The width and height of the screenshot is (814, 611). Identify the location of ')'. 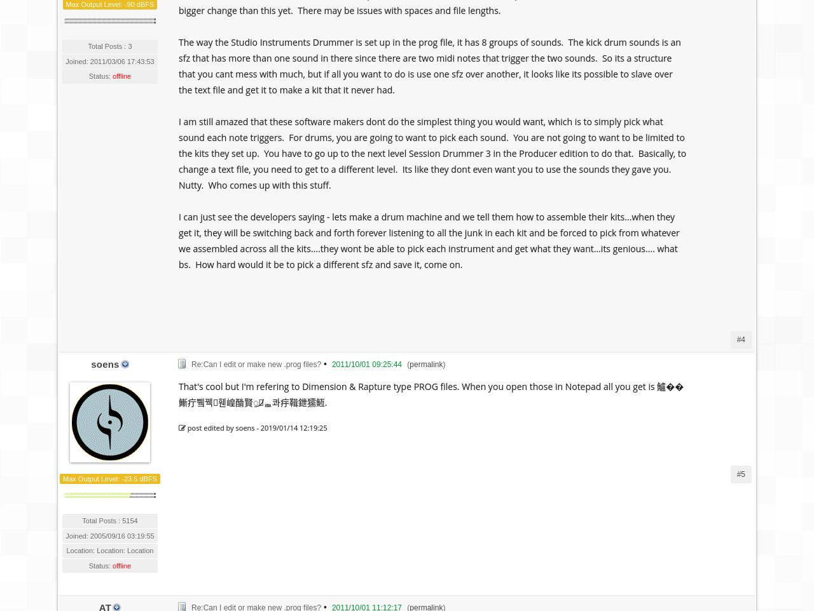
(443, 365).